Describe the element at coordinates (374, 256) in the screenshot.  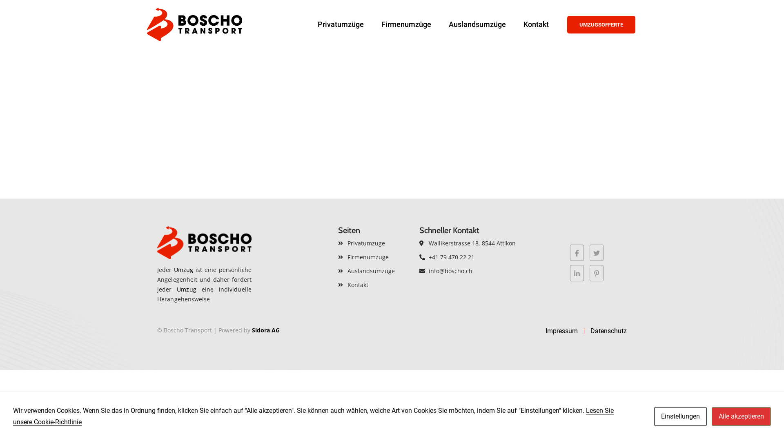
I see `'Firmenumzuge'` at that location.